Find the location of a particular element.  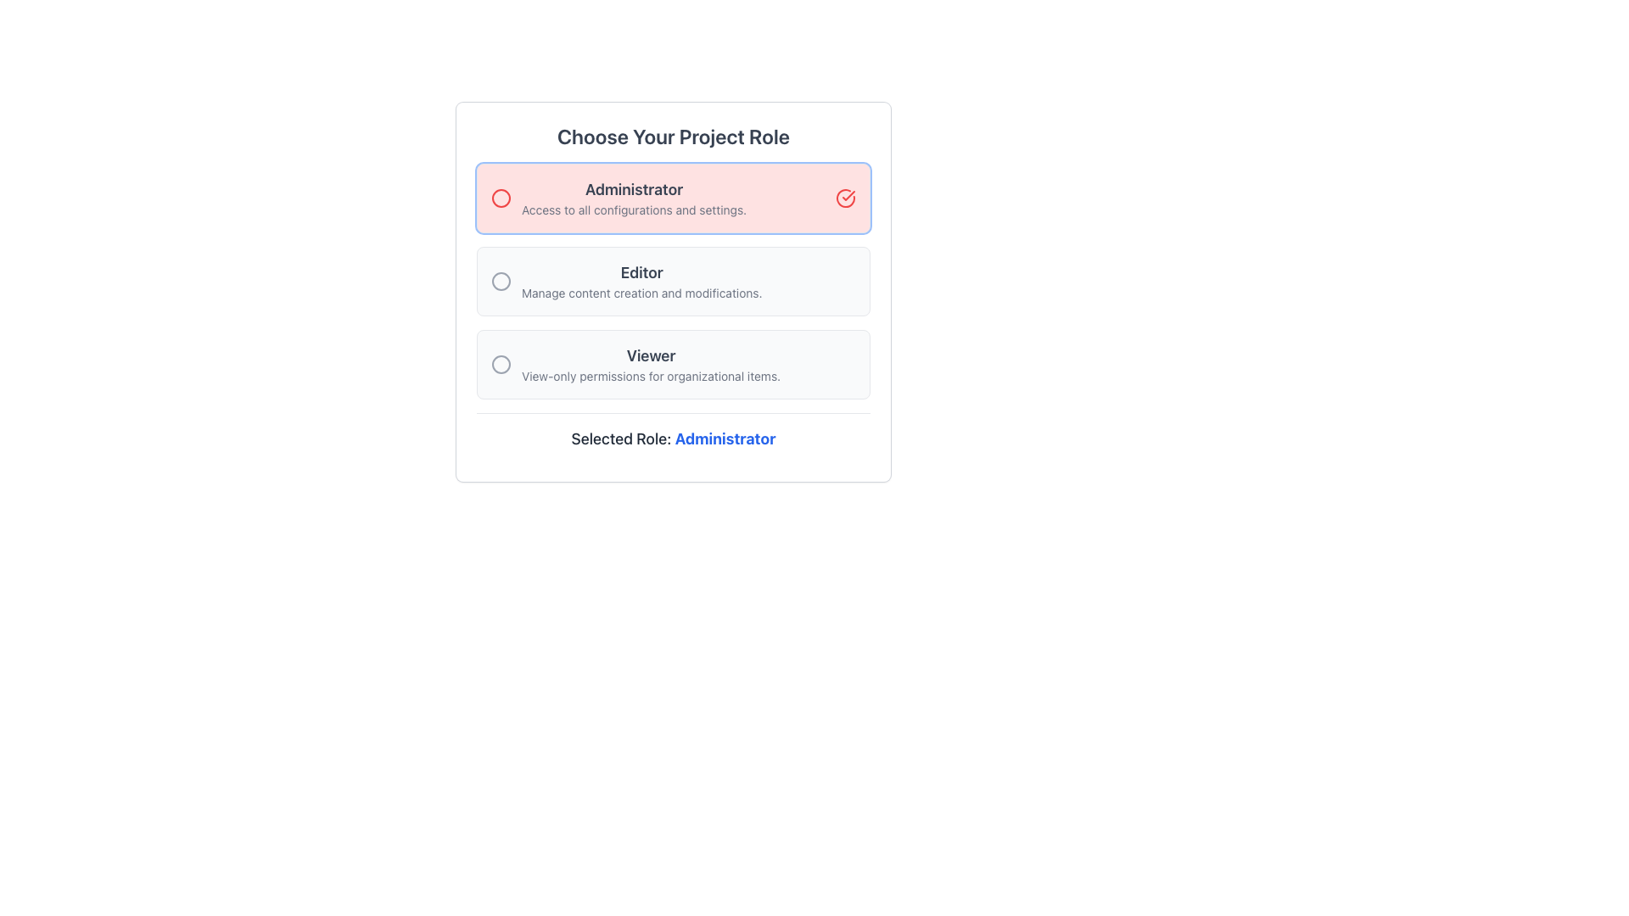

the red graphical checkmark within the circular icon indicating confirmation next to the 'Administrator' role selection area is located at coordinates (848, 195).